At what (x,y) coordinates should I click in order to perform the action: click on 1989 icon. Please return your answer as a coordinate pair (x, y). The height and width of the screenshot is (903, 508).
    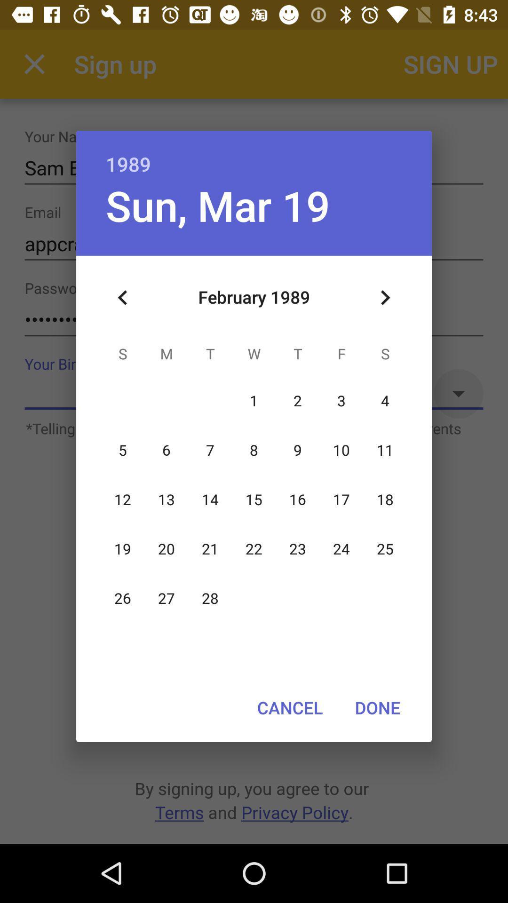
    Looking at the image, I should click on (254, 154).